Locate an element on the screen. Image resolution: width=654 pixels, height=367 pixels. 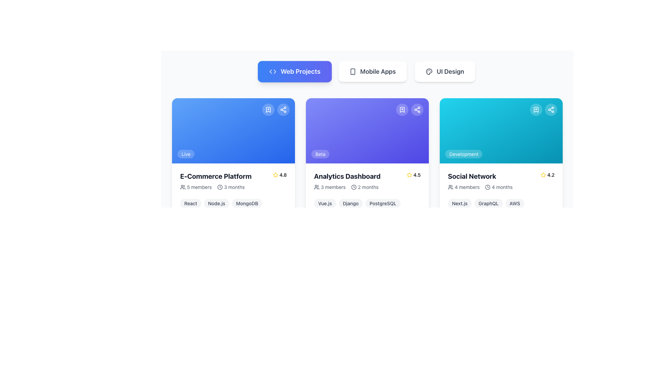
smartphone icon located within the 'Mobile Apps' button, positioned to the left of the text label 'Mobile Apps' is located at coordinates (353, 72).